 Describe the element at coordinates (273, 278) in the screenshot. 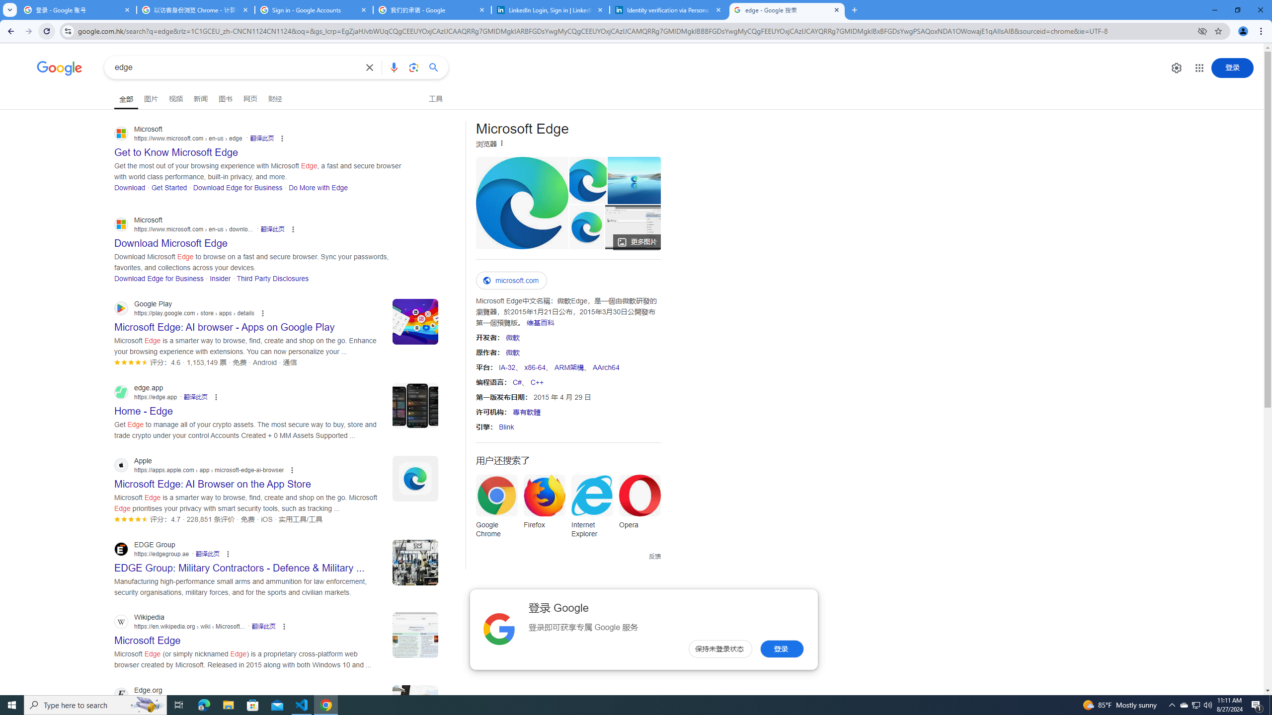

I see `'Third Party Disclosures'` at that location.